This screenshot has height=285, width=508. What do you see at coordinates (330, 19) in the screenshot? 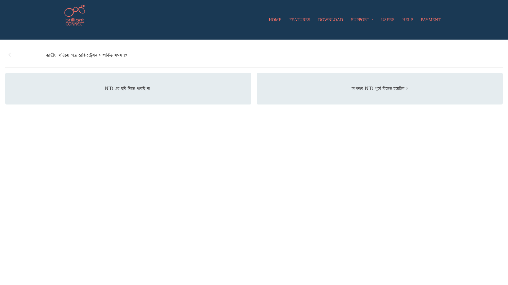
I see `'DOWNLOAD'` at bounding box center [330, 19].